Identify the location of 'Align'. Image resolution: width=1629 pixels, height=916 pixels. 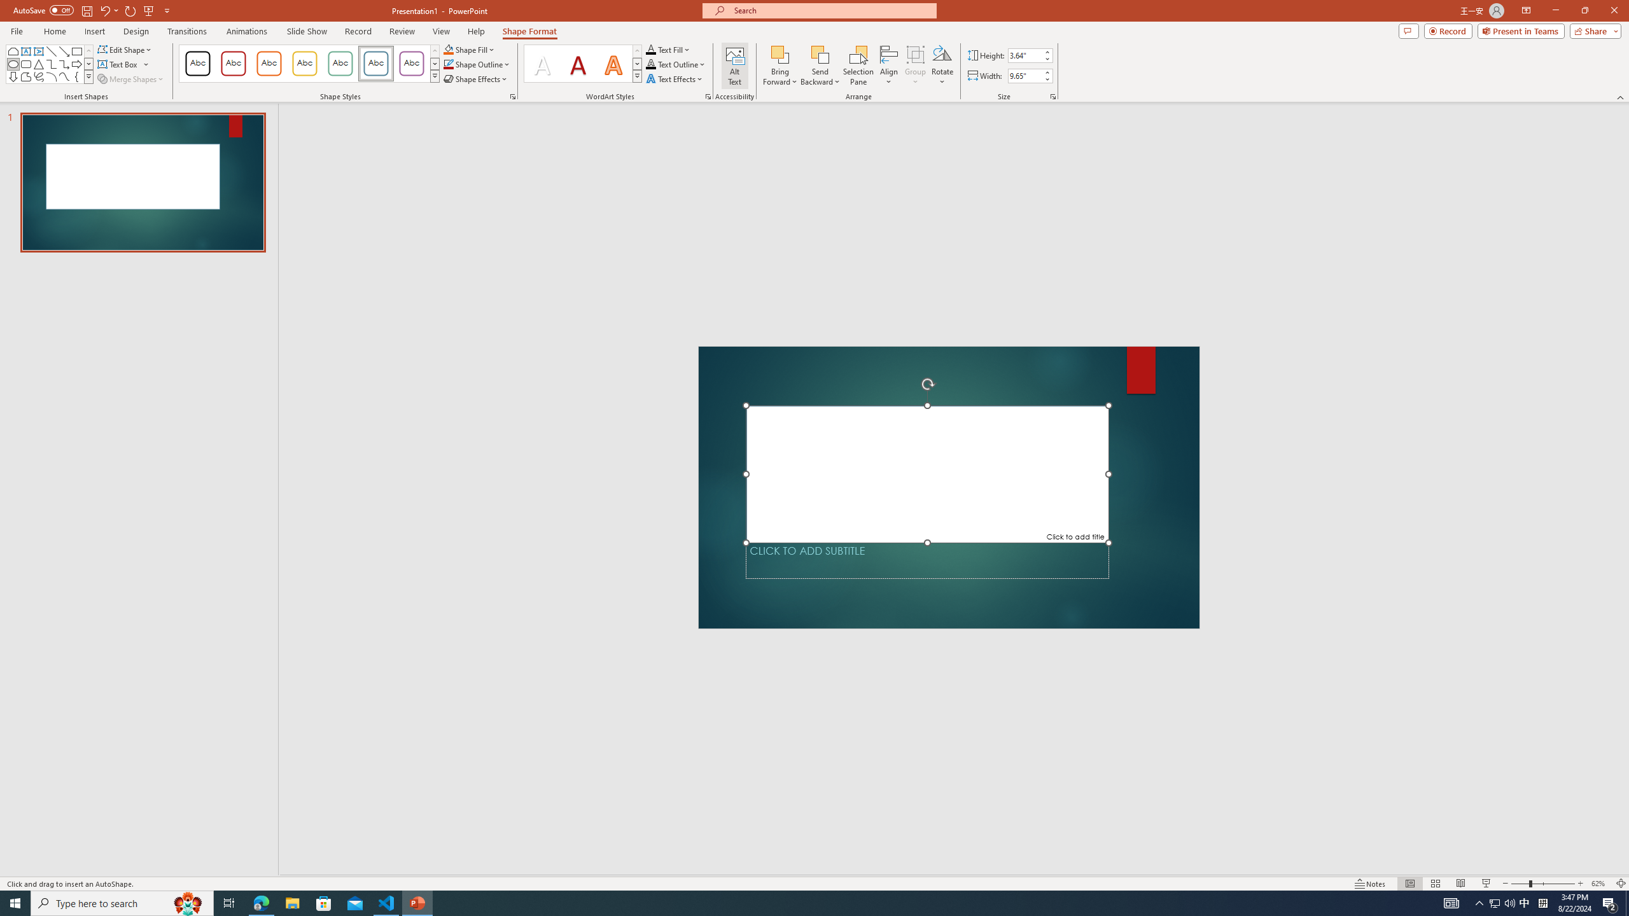
(889, 66).